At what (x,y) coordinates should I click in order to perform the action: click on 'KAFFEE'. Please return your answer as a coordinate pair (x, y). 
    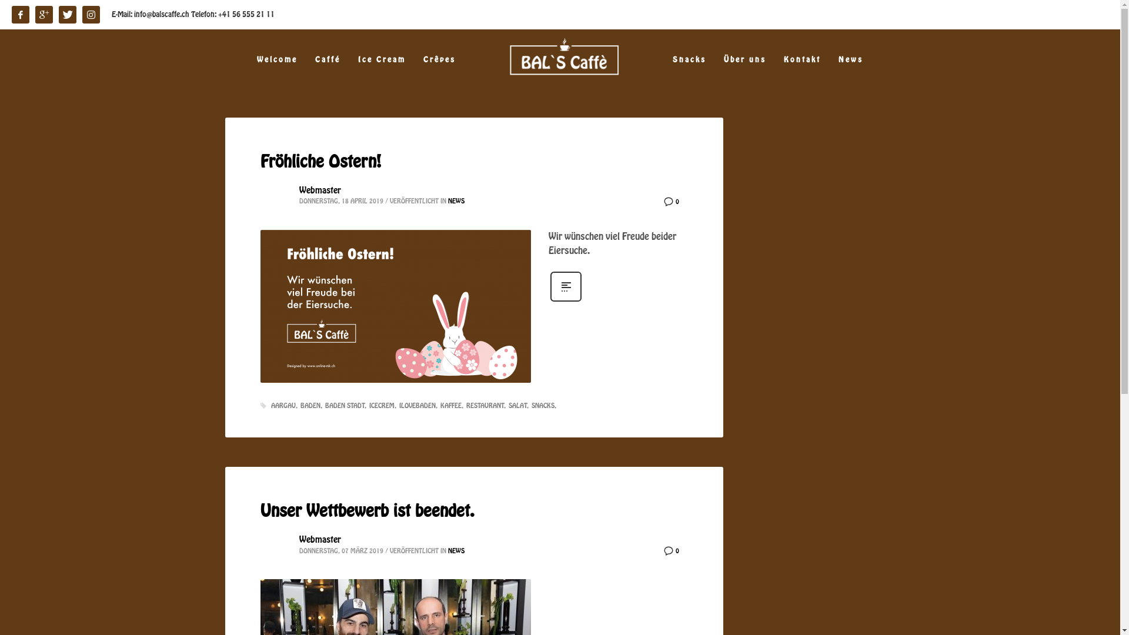
    Looking at the image, I should click on (450, 405).